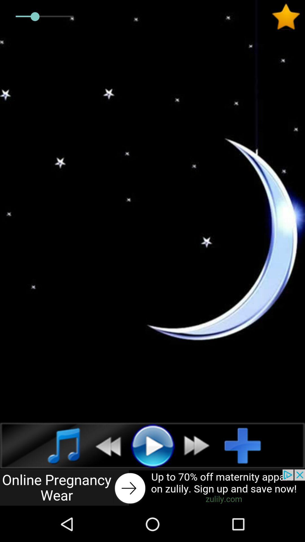  I want to click on the star icon, so click(288, 17).